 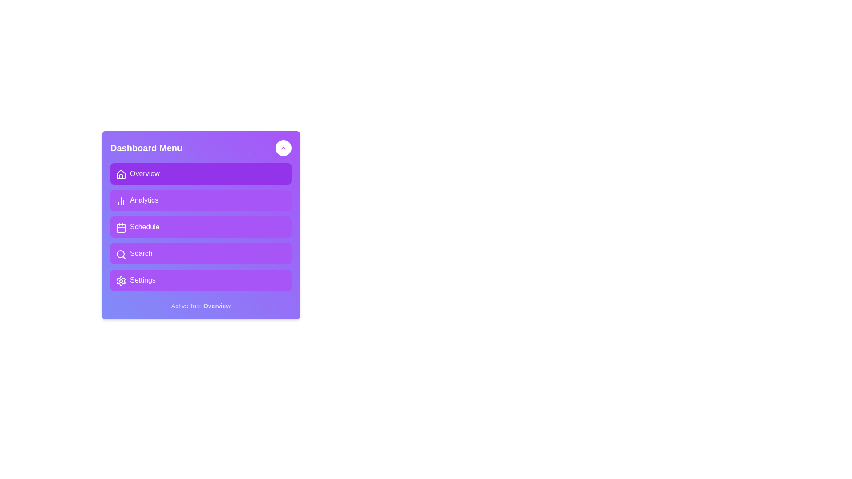 I want to click on the search icon located in the vertical navigation menu, which is the fourth icon in the list, to initiate a search, so click(x=121, y=255).